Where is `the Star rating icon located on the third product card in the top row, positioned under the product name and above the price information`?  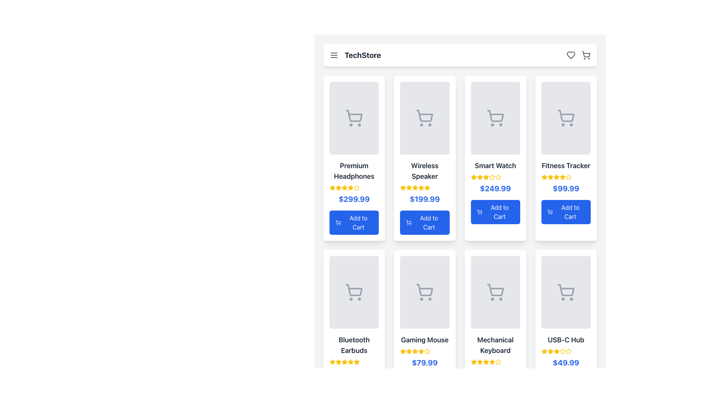
the Star rating icon located on the third product card in the top row, positioned under the product name and above the price information is located at coordinates (473, 177).